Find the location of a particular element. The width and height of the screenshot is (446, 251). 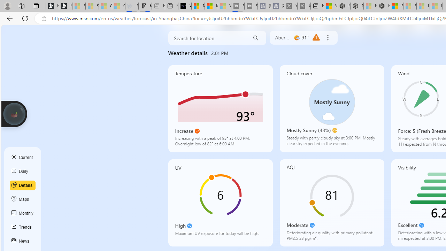

'Monthly' is located at coordinates (23, 213).